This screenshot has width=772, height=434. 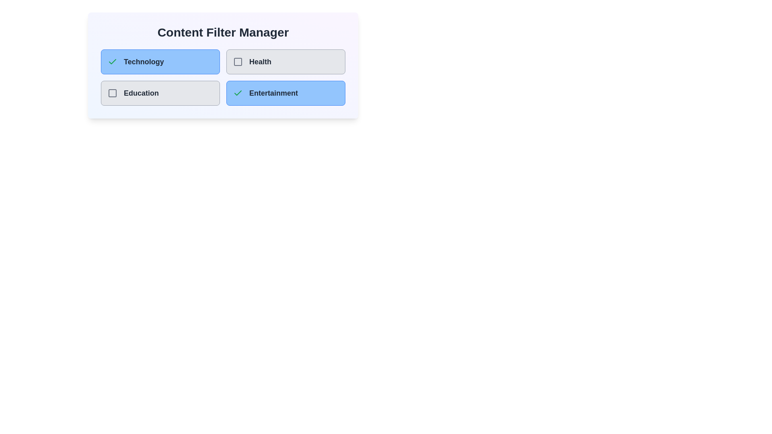 What do you see at coordinates (160, 61) in the screenshot?
I see `the category named Technology` at bounding box center [160, 61].